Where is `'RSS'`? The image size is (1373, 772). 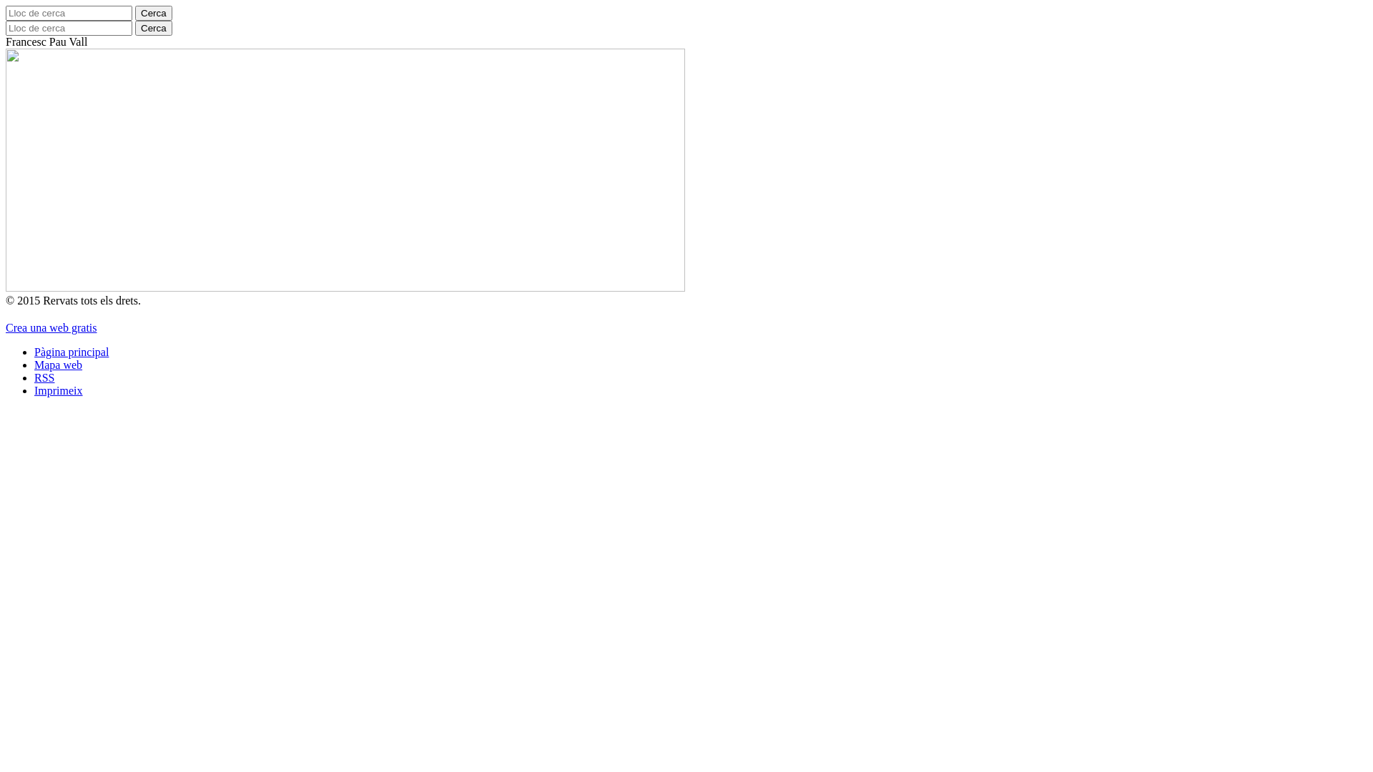
'RSS' is located at coordinates (44, 377).